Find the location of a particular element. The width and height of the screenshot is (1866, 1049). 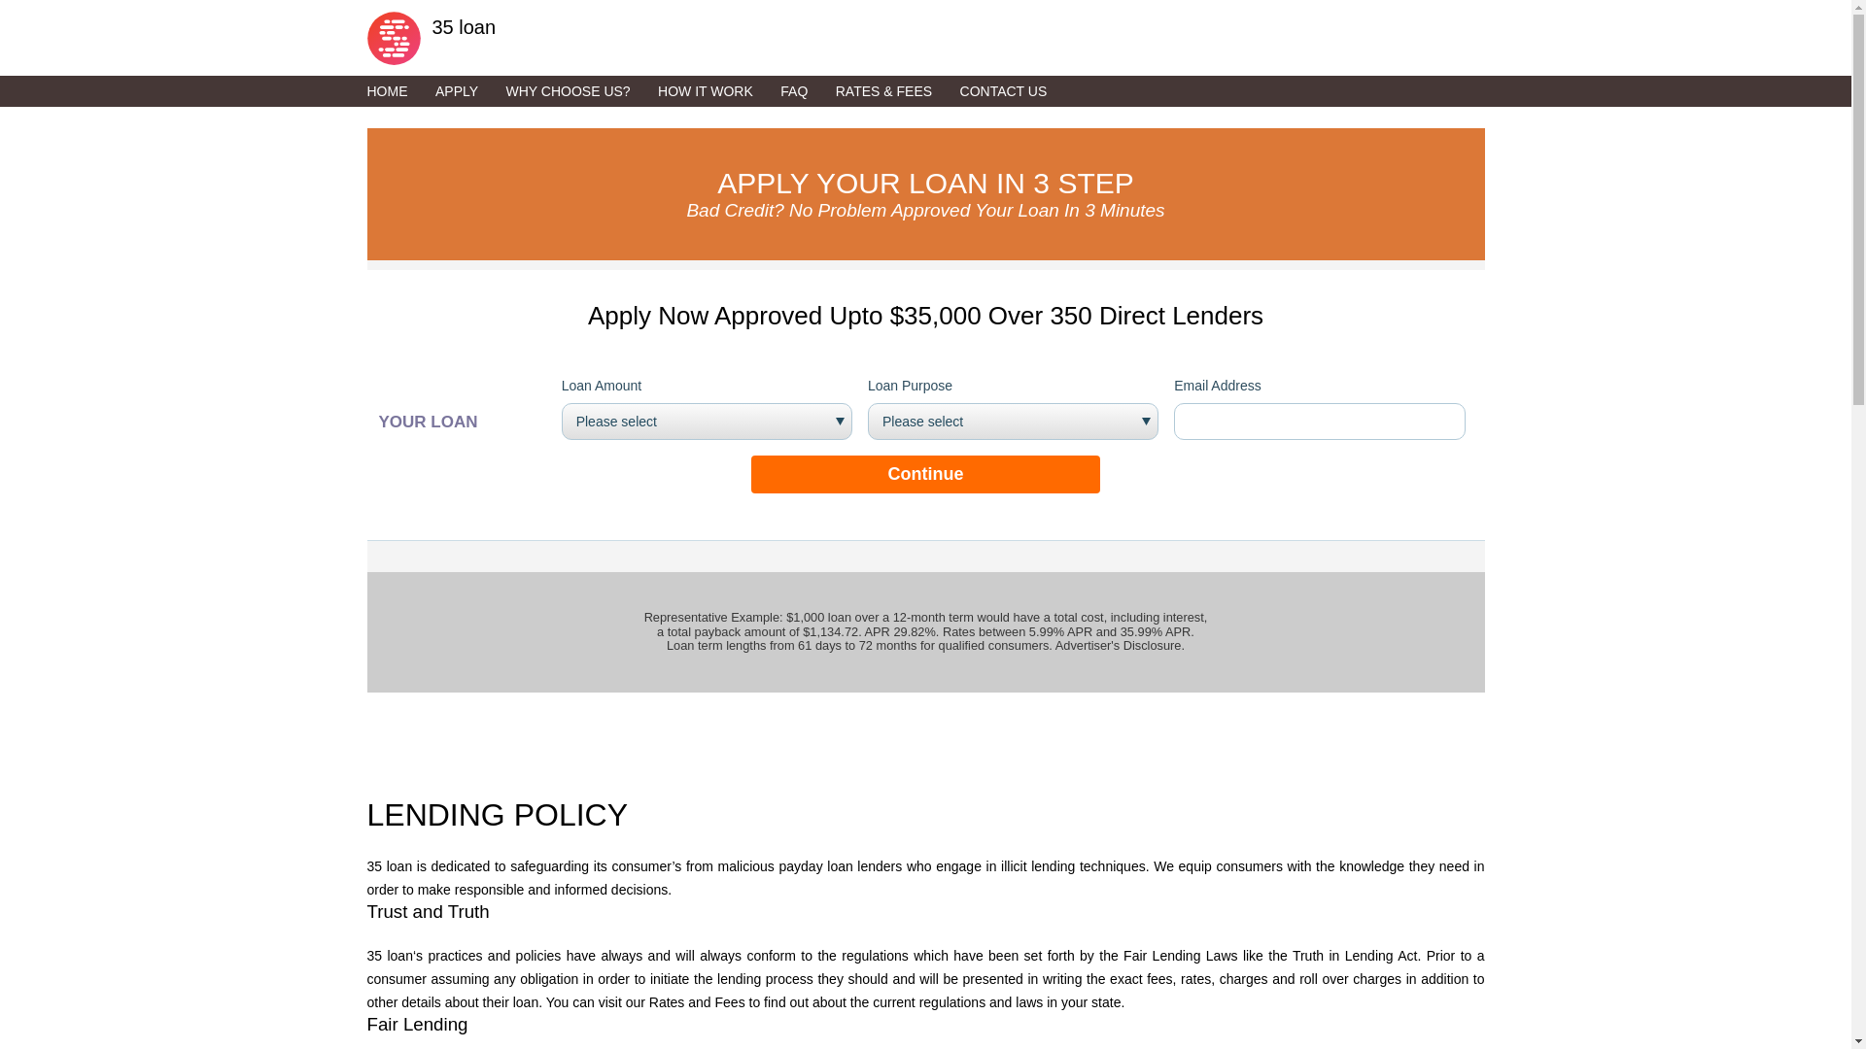

'WHY CHOOSE US?' is located at coordinates (578, 90).